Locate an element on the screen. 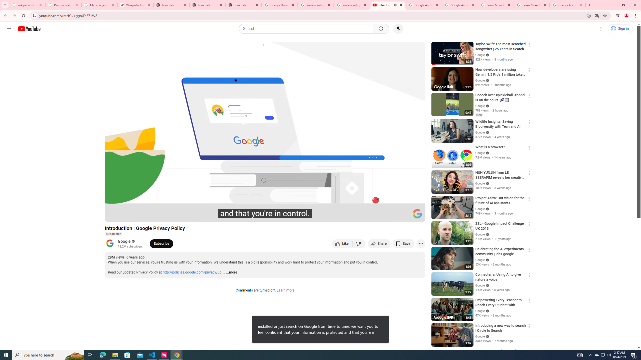  'Unlisted' is located at coordinates (113, 234).